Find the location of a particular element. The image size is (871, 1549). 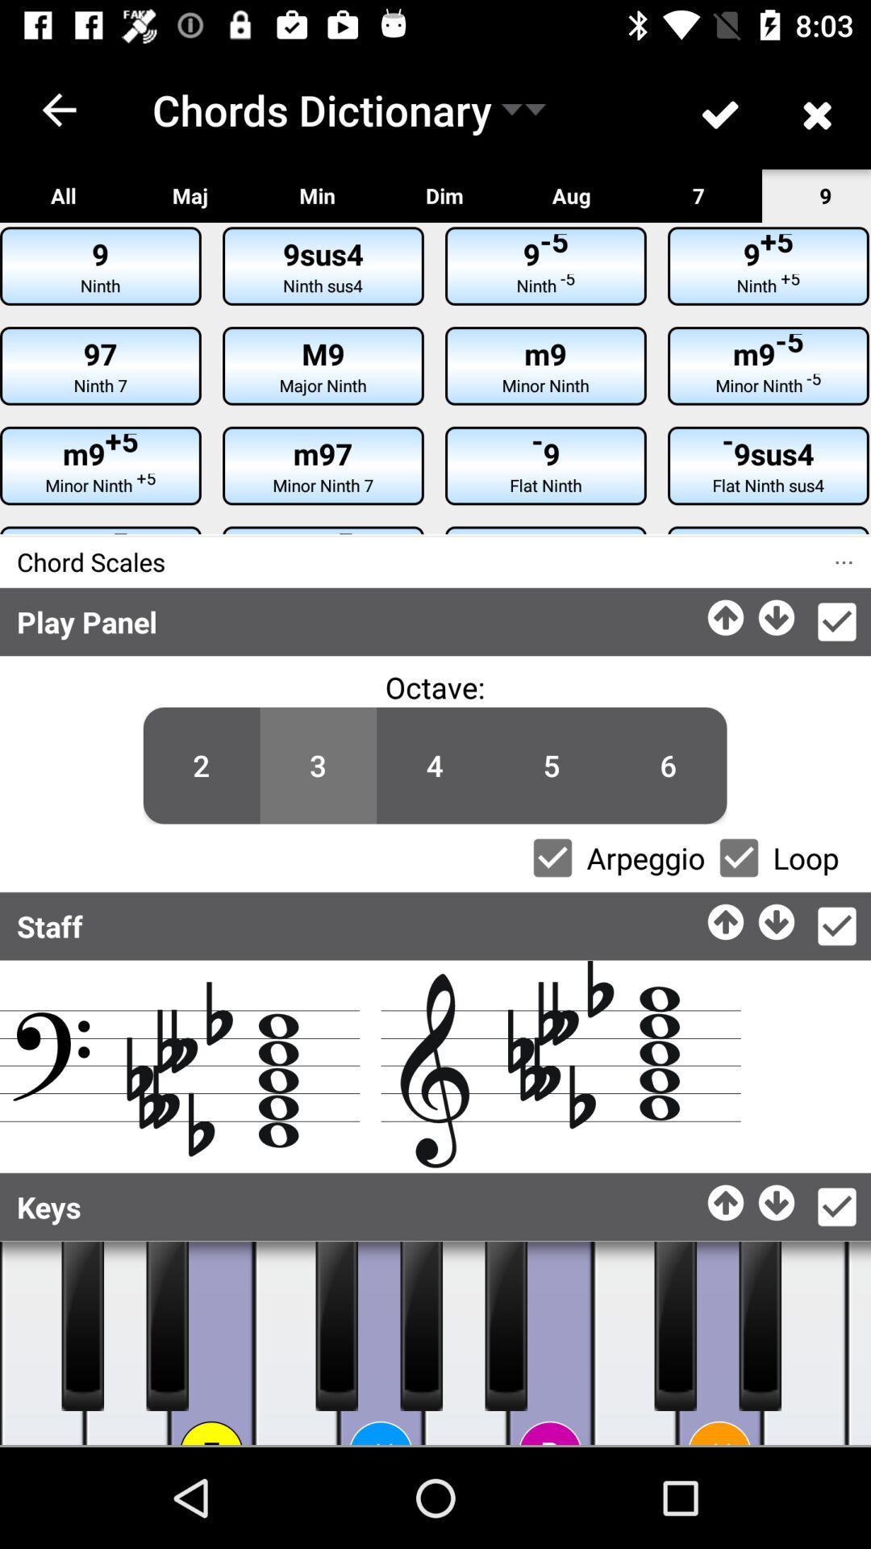

next is located at coordinates (777, 612).